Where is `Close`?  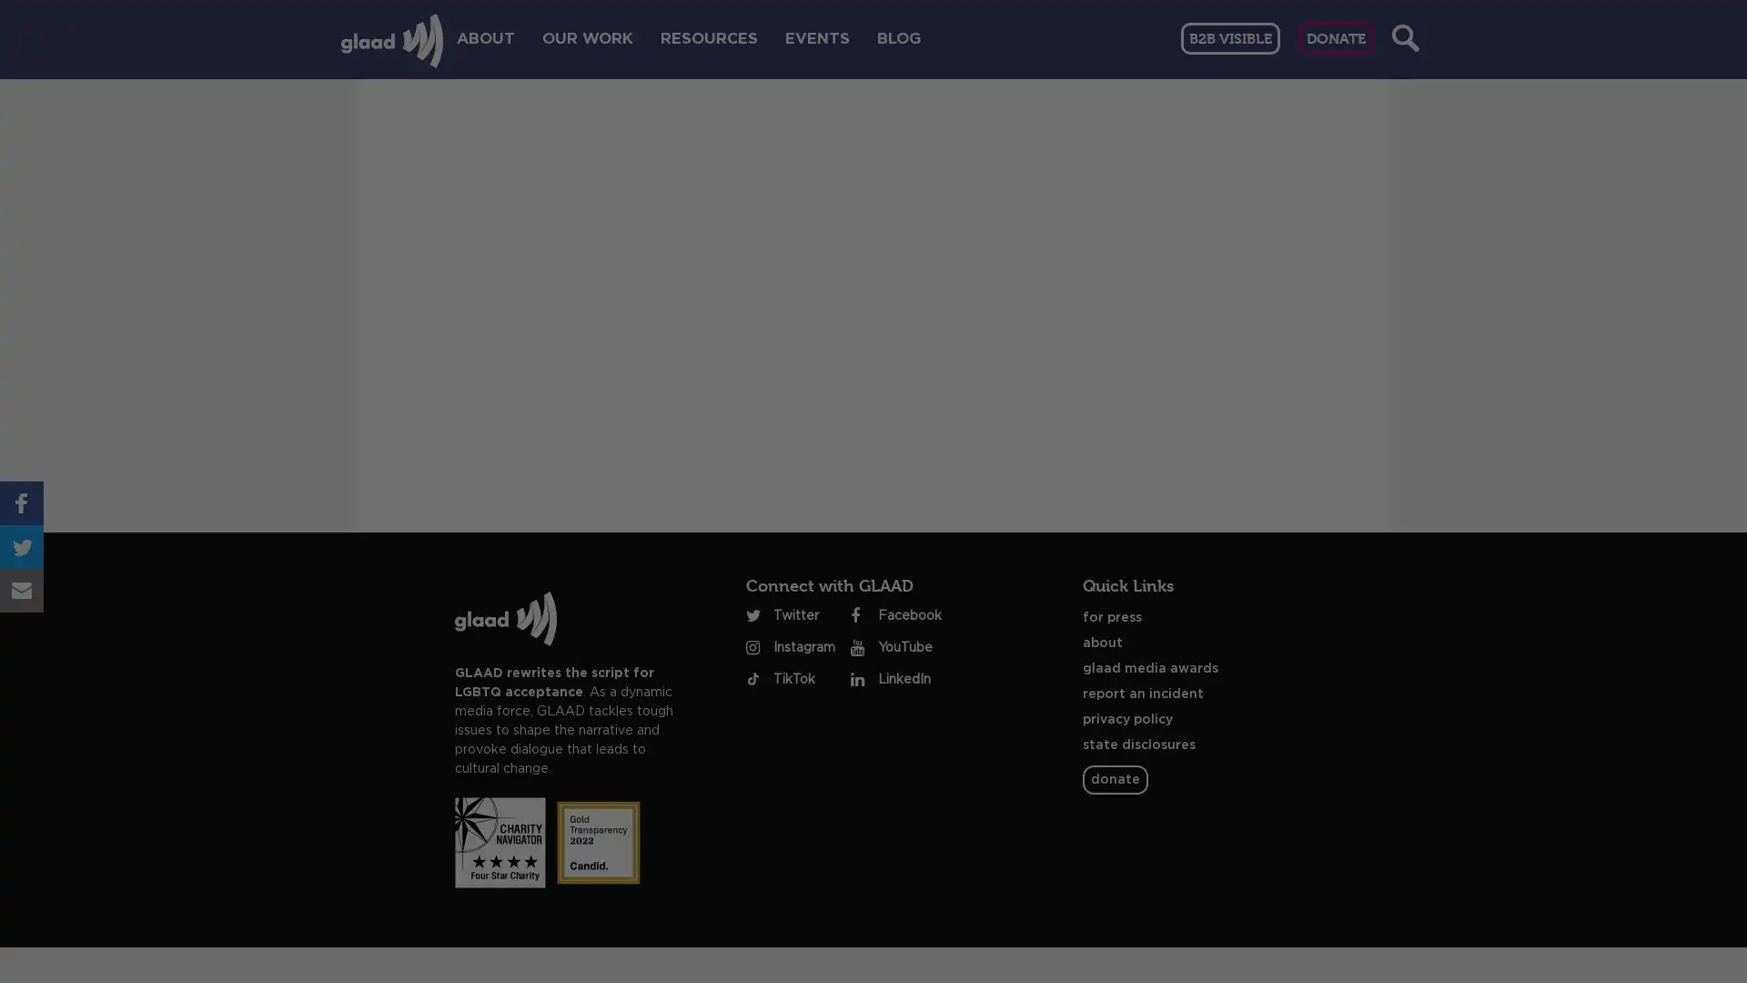 Close is located at coordinates (1328, 216).